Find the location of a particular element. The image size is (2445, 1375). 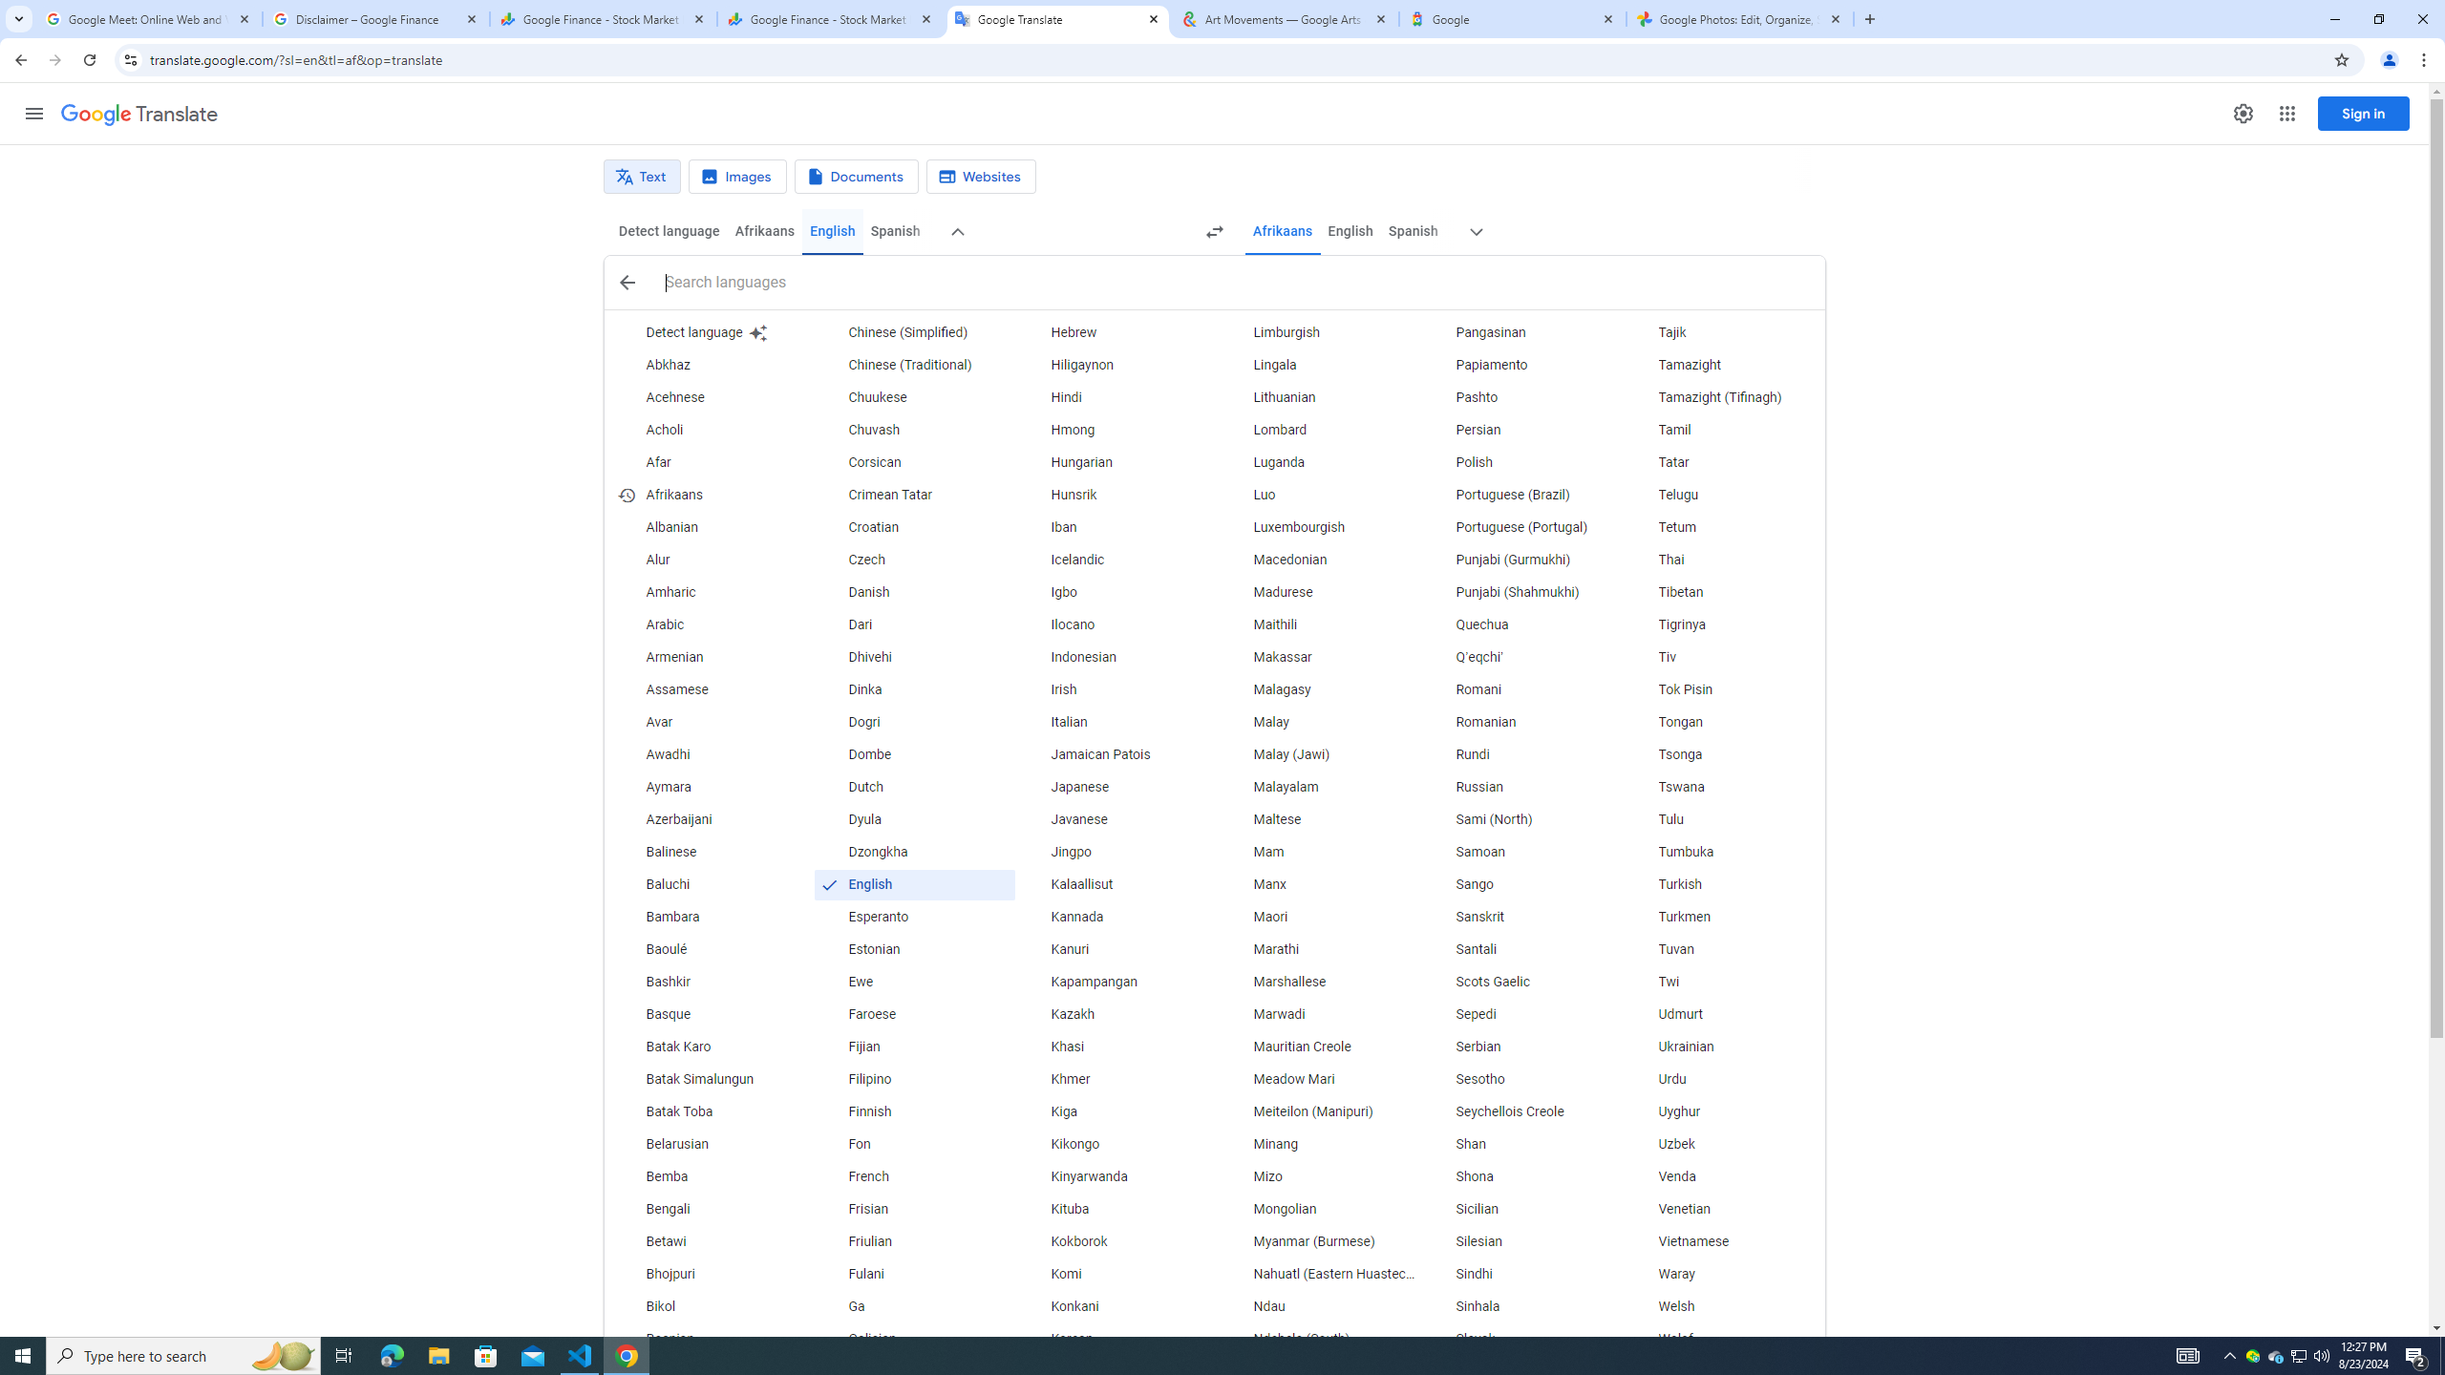

'Ndebele (South)' is located at coordinates (1319, 1338).